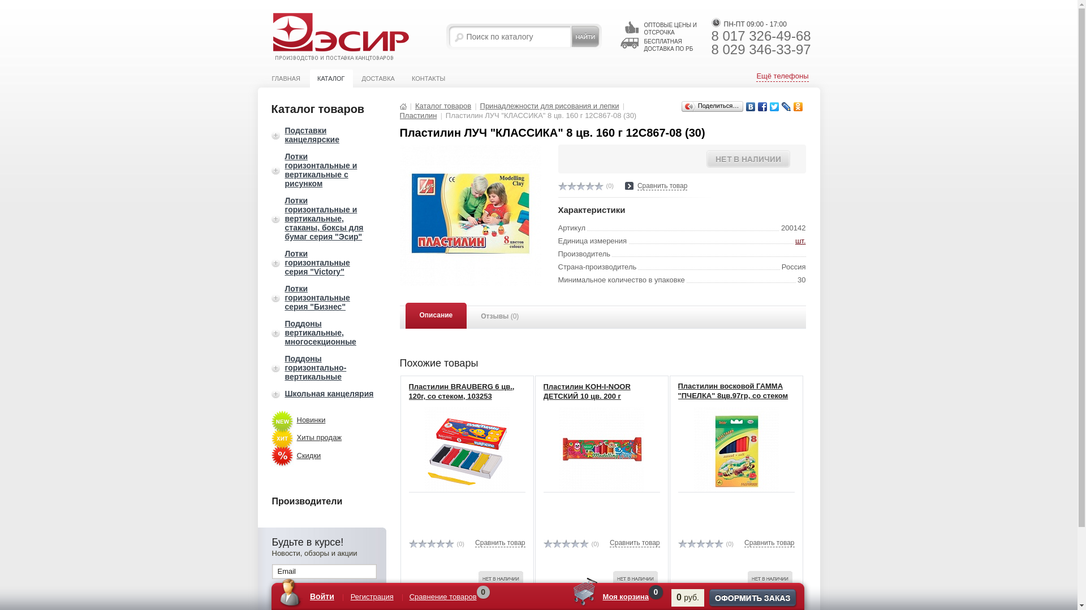 The image size is (1086, 610). What do you see at coordinates (773, 107) in the screenshot?
I see `'Twitter'` at bounding box center [773, 107].